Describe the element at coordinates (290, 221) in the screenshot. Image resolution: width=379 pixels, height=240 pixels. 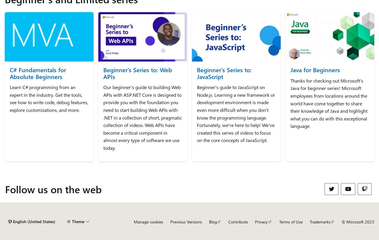
I see `'Terms of Use'` at that location.